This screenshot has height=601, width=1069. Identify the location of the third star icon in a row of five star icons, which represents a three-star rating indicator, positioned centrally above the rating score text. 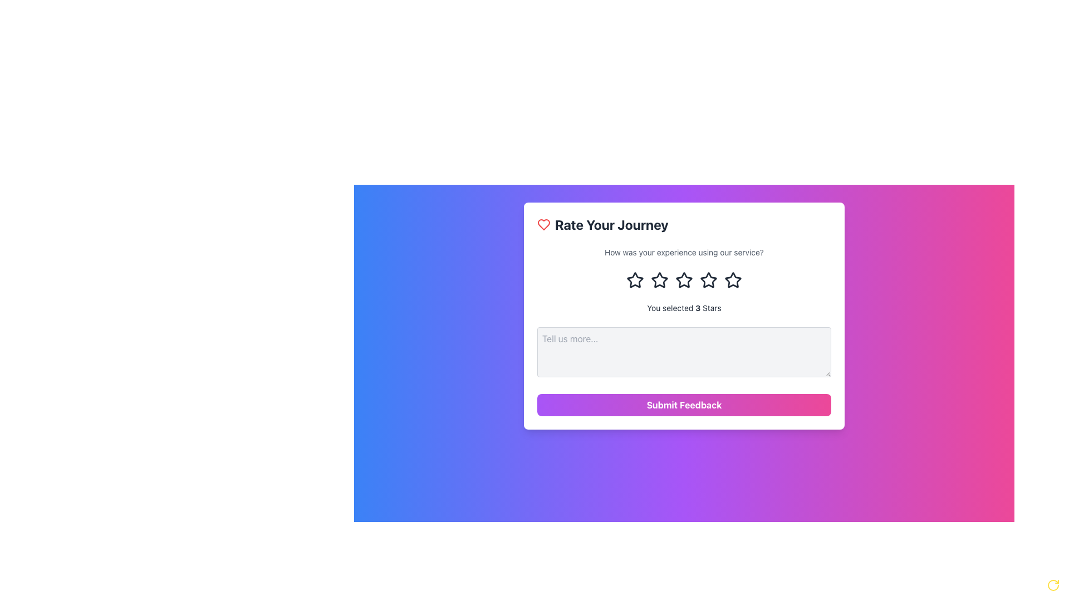
(708, 280).